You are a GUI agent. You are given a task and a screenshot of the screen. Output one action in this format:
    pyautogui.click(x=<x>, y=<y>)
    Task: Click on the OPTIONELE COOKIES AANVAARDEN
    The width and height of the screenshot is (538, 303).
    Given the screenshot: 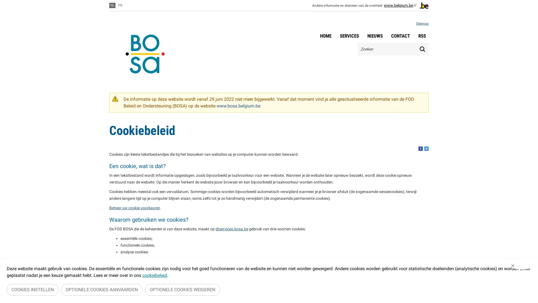 What is the action you would take?
    pyautogui.click(x=102, y=290)
    